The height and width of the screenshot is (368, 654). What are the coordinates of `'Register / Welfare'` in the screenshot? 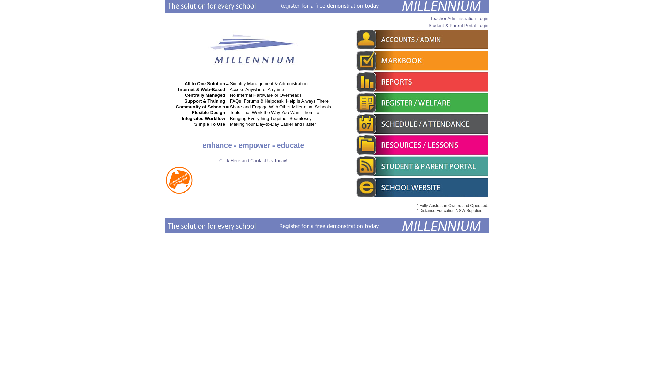 It's located at (421, 103).